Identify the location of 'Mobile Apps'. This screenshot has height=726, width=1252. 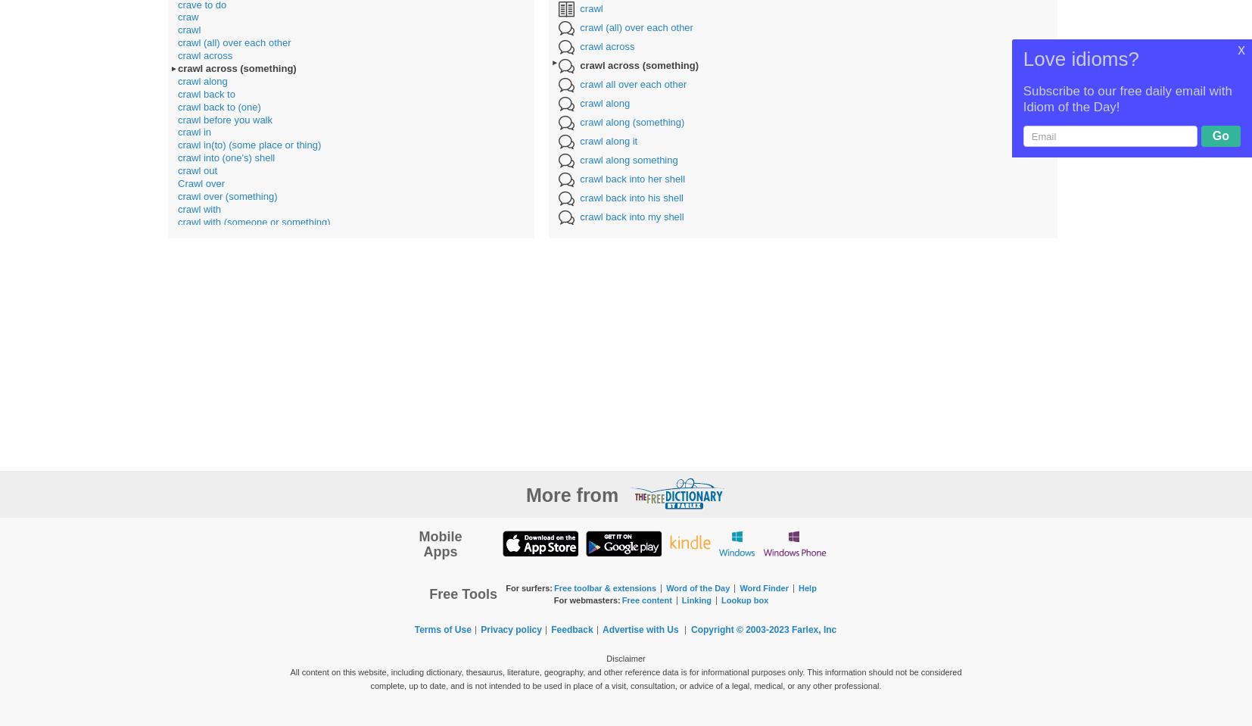
(440, 543).